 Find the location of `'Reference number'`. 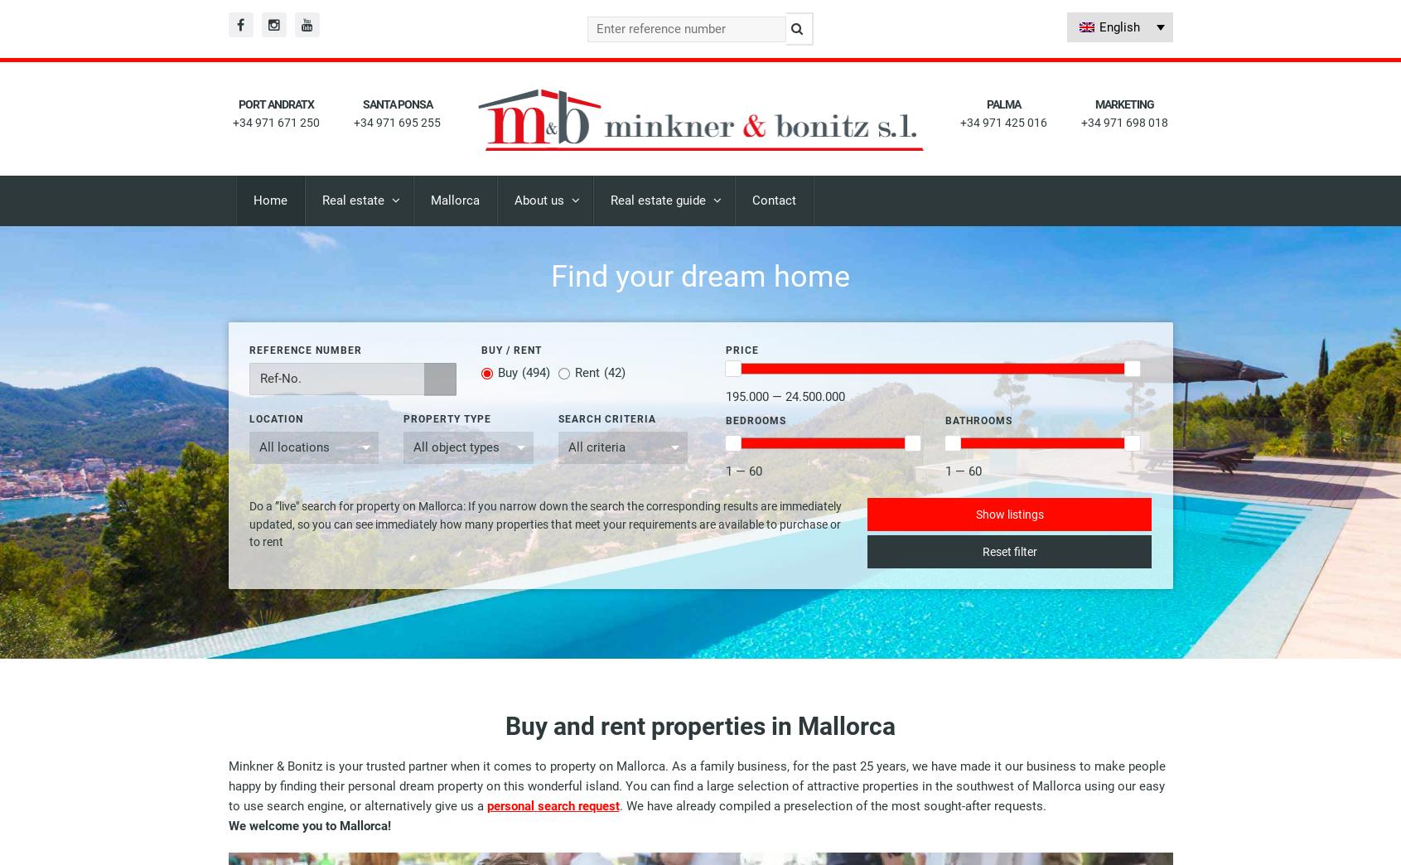

'Reference number' is located at coordinates (248, 348).